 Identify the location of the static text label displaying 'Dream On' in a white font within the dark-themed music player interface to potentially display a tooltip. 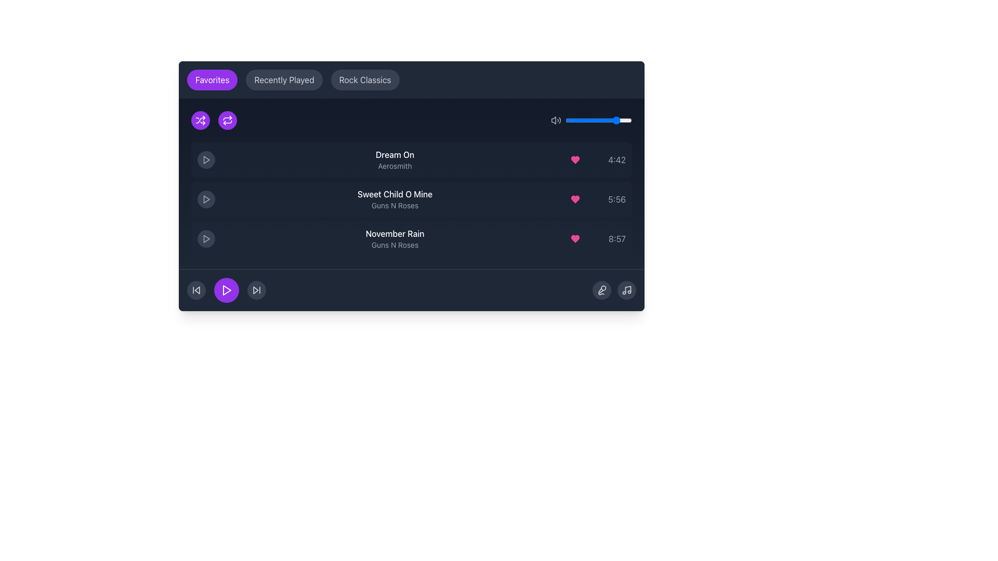
(394, 154).